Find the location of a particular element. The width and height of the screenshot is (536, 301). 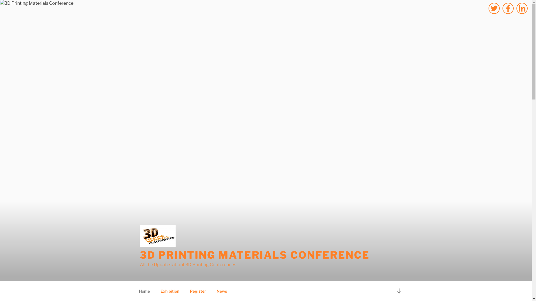

'Scroll down to content' is located at coordinates (399, 290).